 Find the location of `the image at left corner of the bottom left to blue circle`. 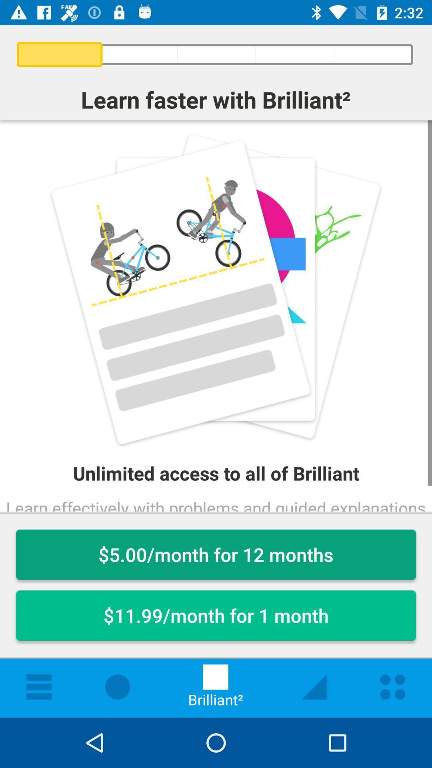

the image at left corner of the bottom left to blue circle is located at coordinates (39, 686).